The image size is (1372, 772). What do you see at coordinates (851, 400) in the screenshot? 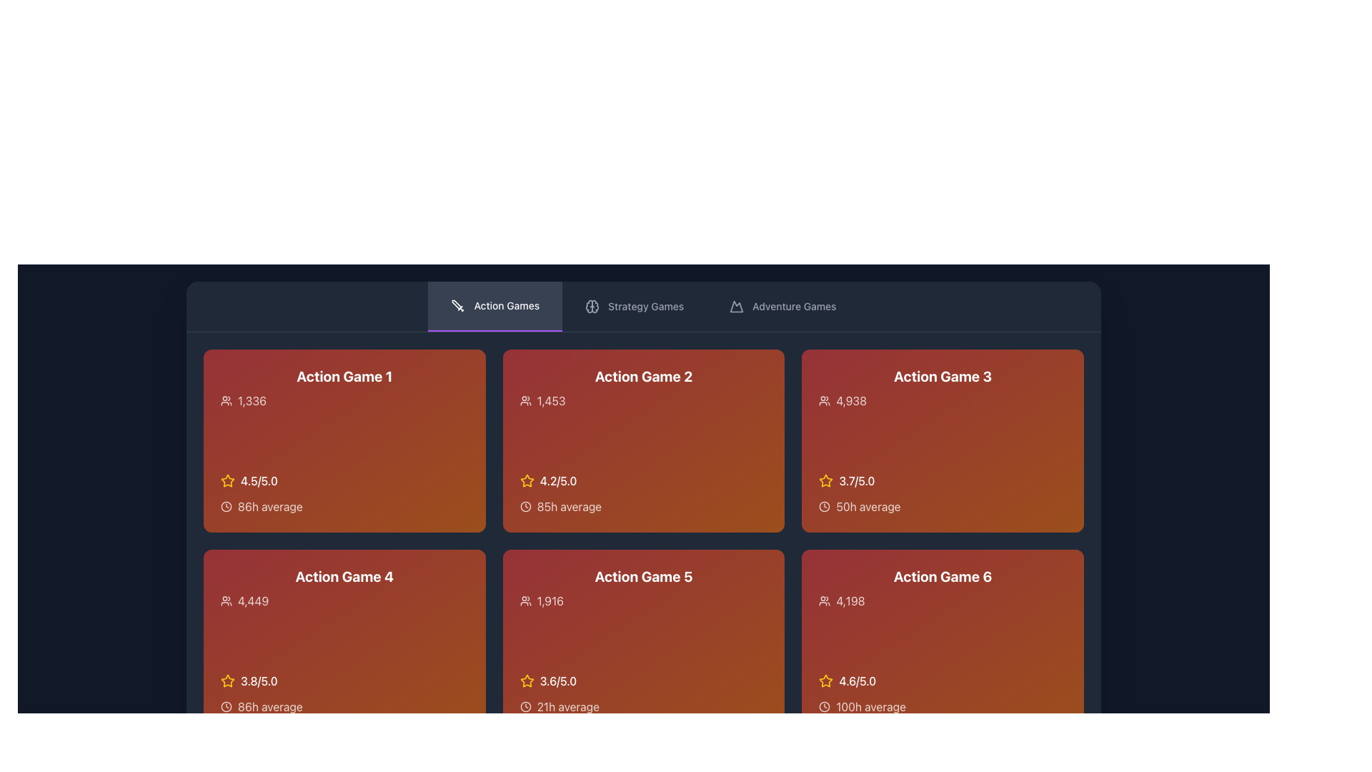
I see `the static text label displaying '4,938' in white font on a reddish background, which is part of a user count display group associated with a user icon to its left` at bounding box center [851, 400].